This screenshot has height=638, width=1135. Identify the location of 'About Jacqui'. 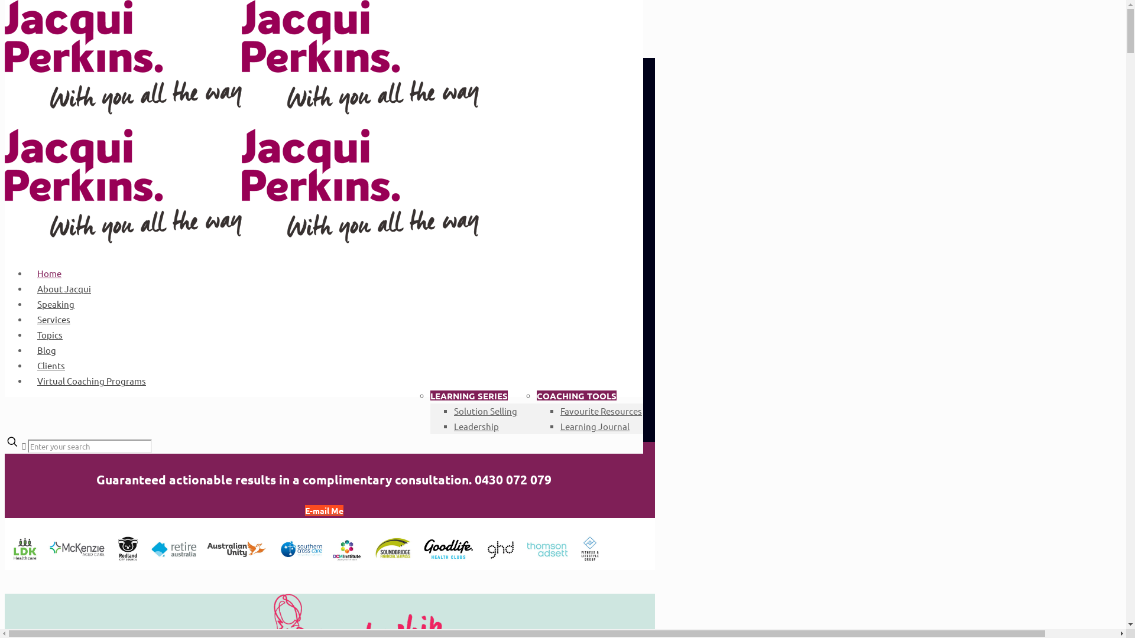
(63, 288).